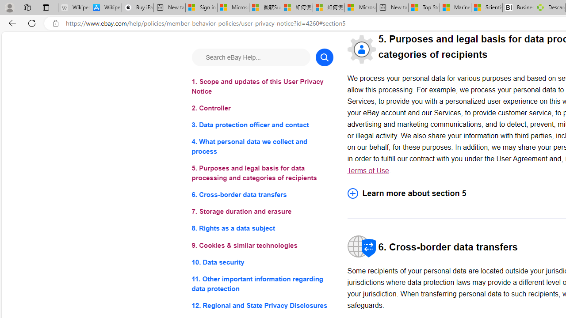 This screenshot has height=318, width=566. What do you see at coordinates (262, 194) in the screenshot?
I see `'6. Cross-border data transfers'` at bounding box center [262, 194].